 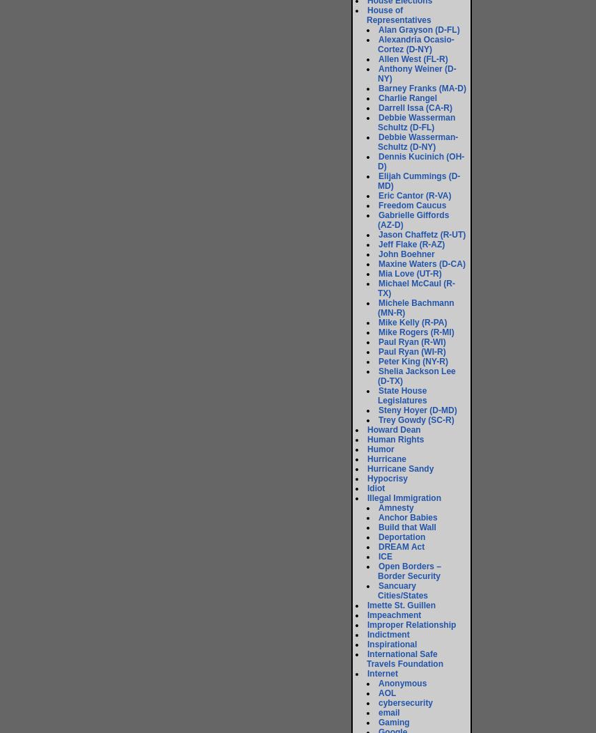 What do you see at coordinates (367, 615) in the screenshot?
I see `'Impeachment'` at bounding box center [367, 615].